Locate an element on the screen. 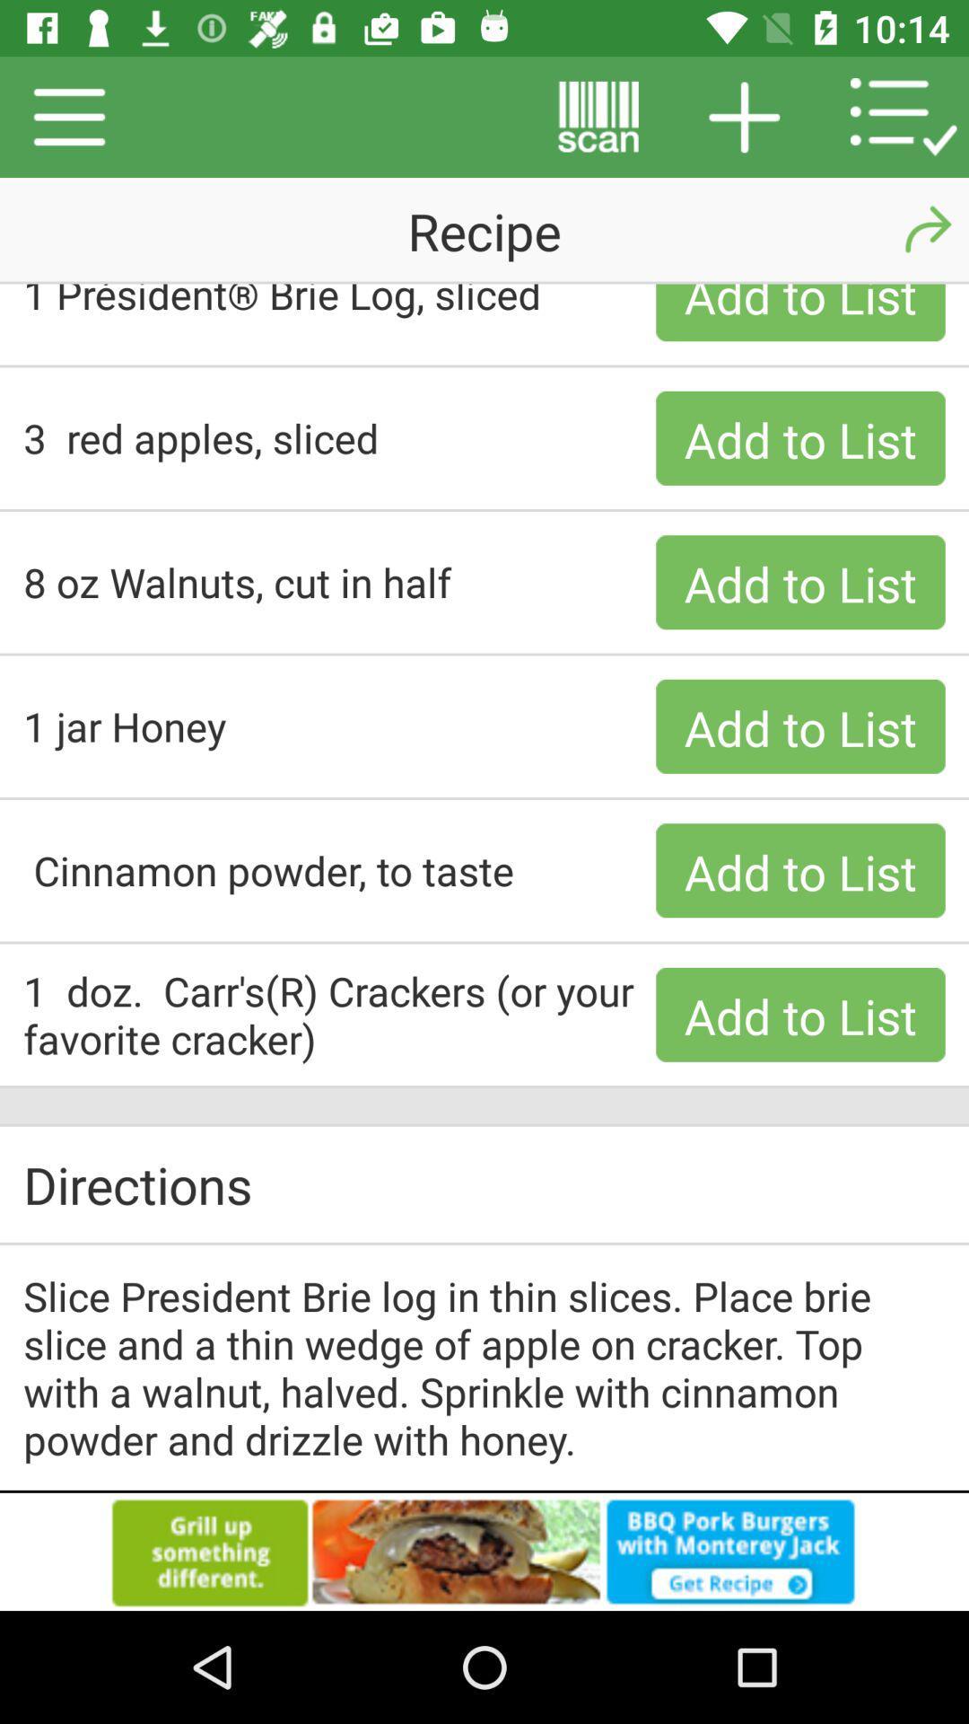 This screenshot has height=1724, width=969. the list icon is located at coordinates (904, 116).